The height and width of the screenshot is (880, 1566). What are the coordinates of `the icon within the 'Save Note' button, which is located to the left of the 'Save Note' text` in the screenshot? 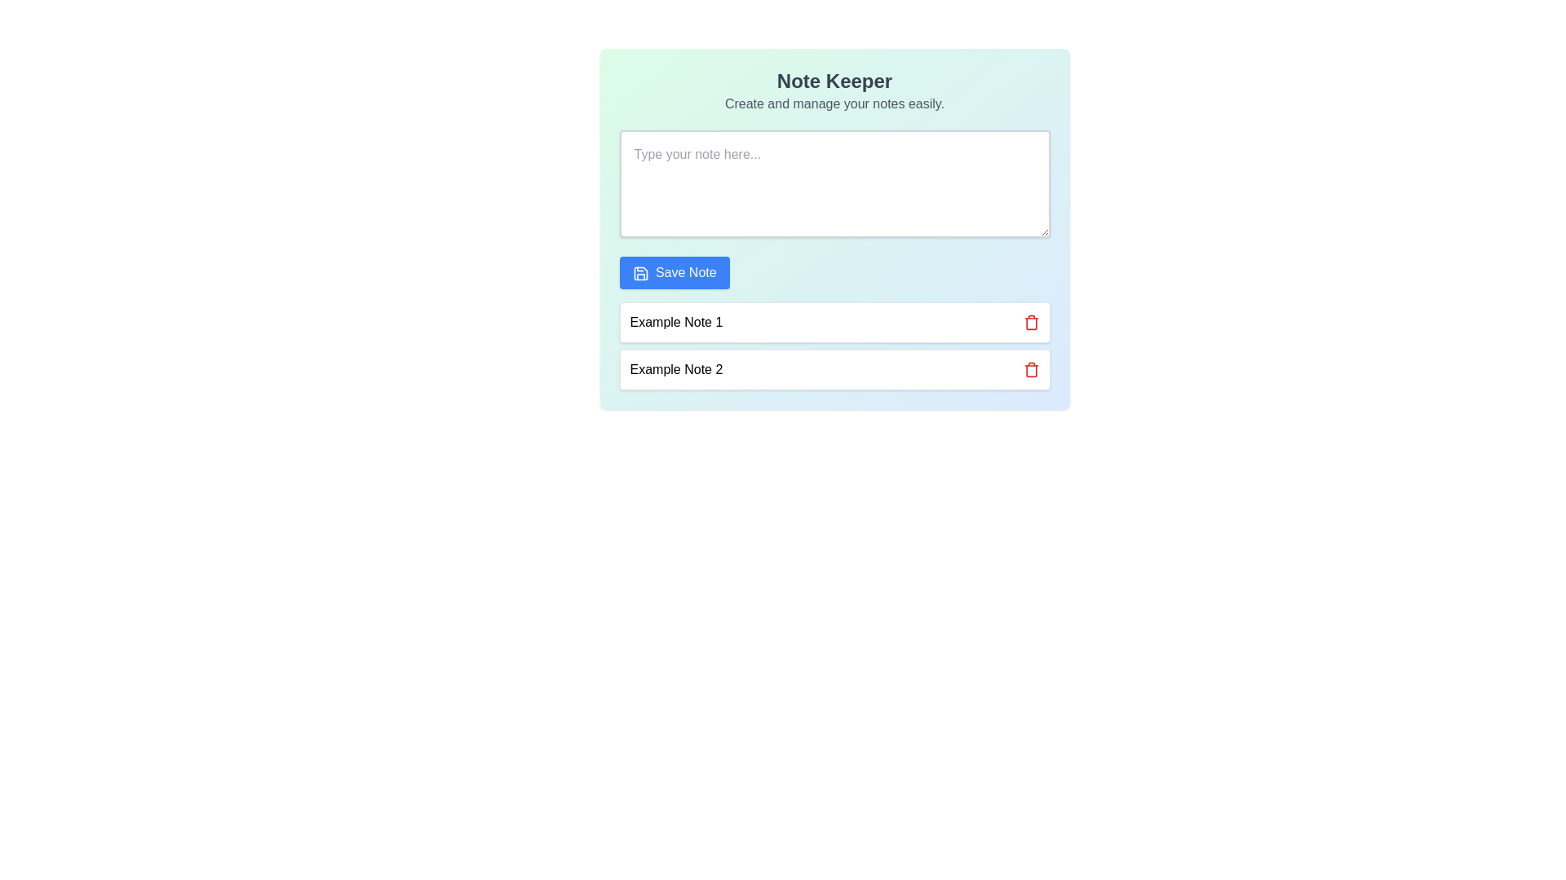 It's located at (639, 272).